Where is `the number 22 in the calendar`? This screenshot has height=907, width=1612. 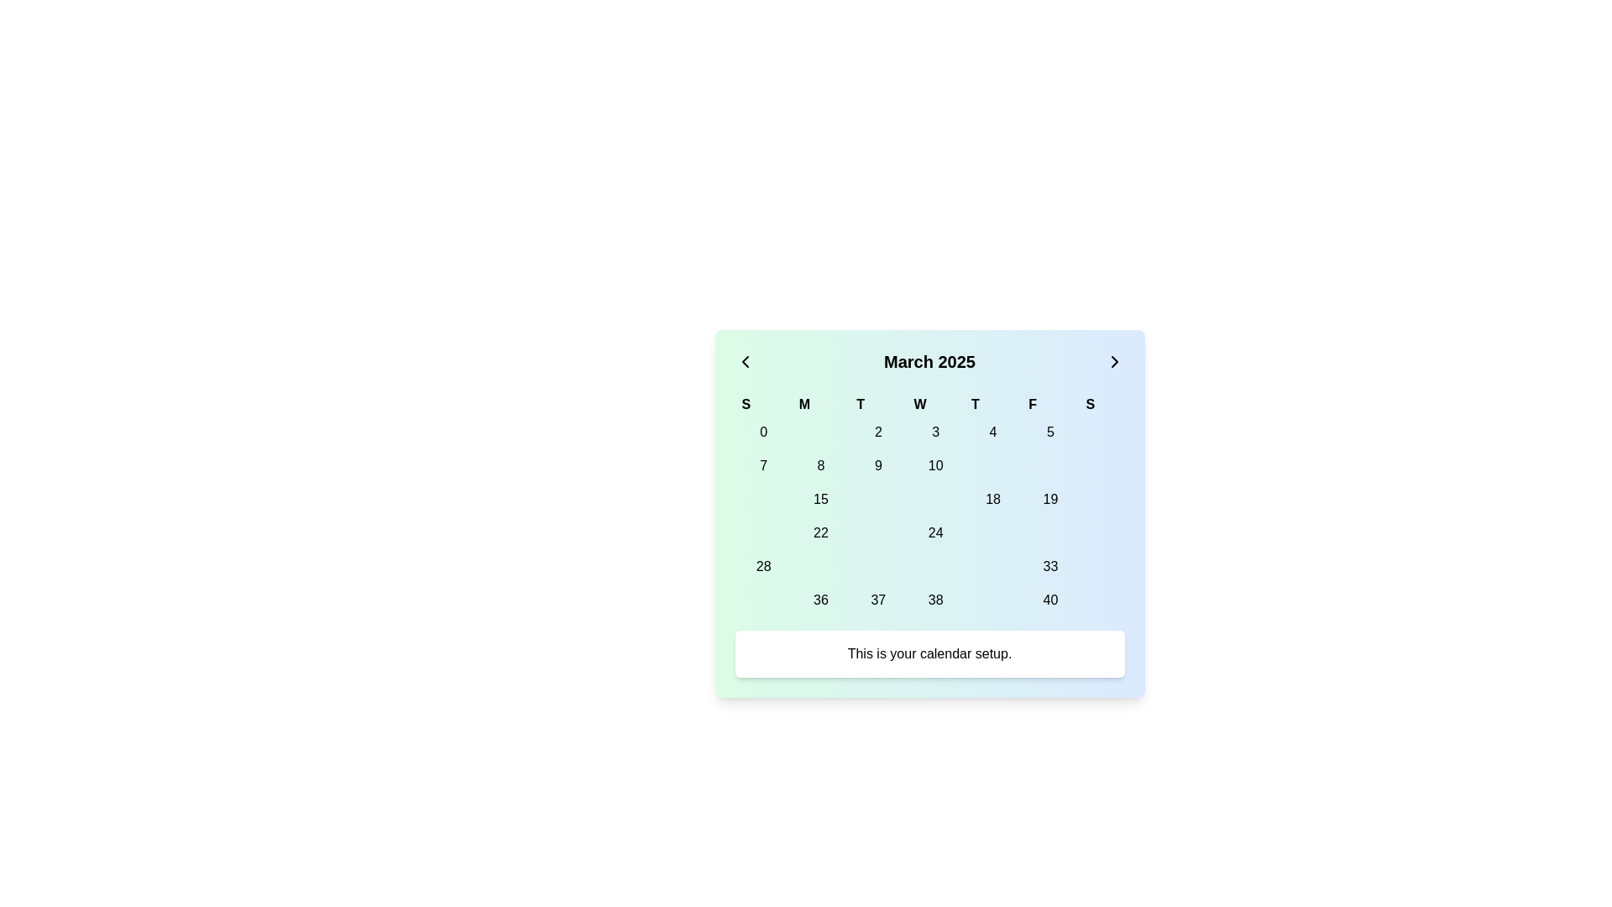 the number 22 in the calendar is located at coordinates (821, 533).